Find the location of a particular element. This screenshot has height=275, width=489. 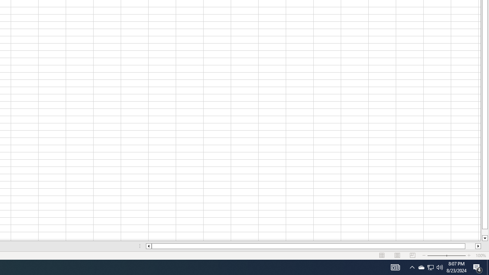

'Column left' is located at coordinates (148, 246).